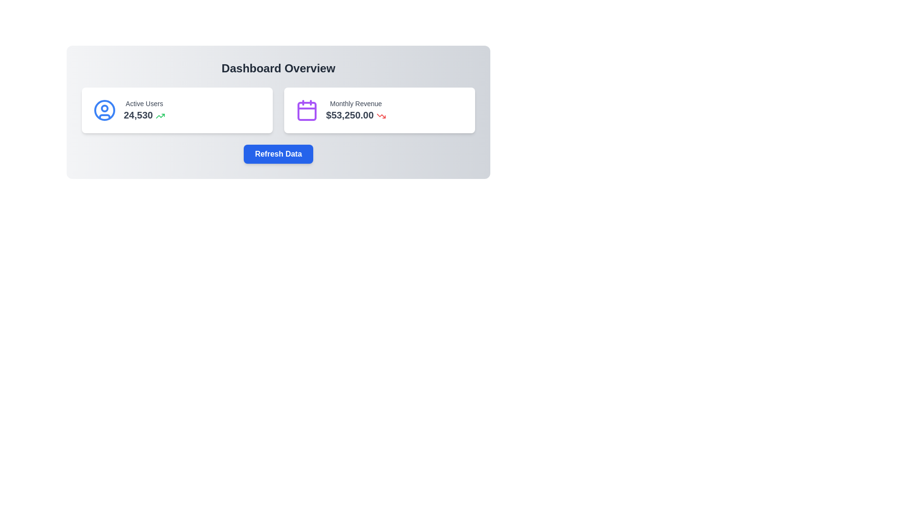 The width and height of the screenshot is (914, 514). I want to click on the static text label that represents the header for monthly revenue statistics, positioned above the revenue amount and to the right of the purple calendar icon, so click(355, 104).